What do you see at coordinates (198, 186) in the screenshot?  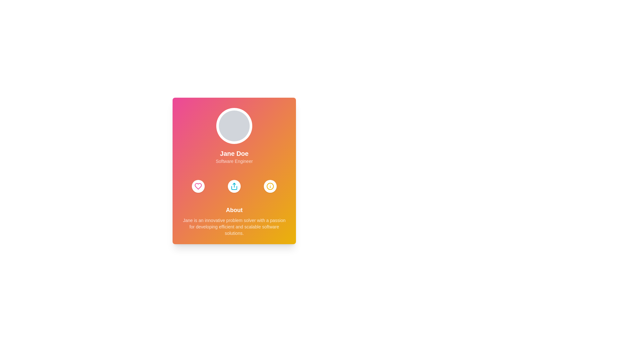 I see `the heart-shaped vector icon in the lower middle section of the card layout` at bounding box center [198, 186].